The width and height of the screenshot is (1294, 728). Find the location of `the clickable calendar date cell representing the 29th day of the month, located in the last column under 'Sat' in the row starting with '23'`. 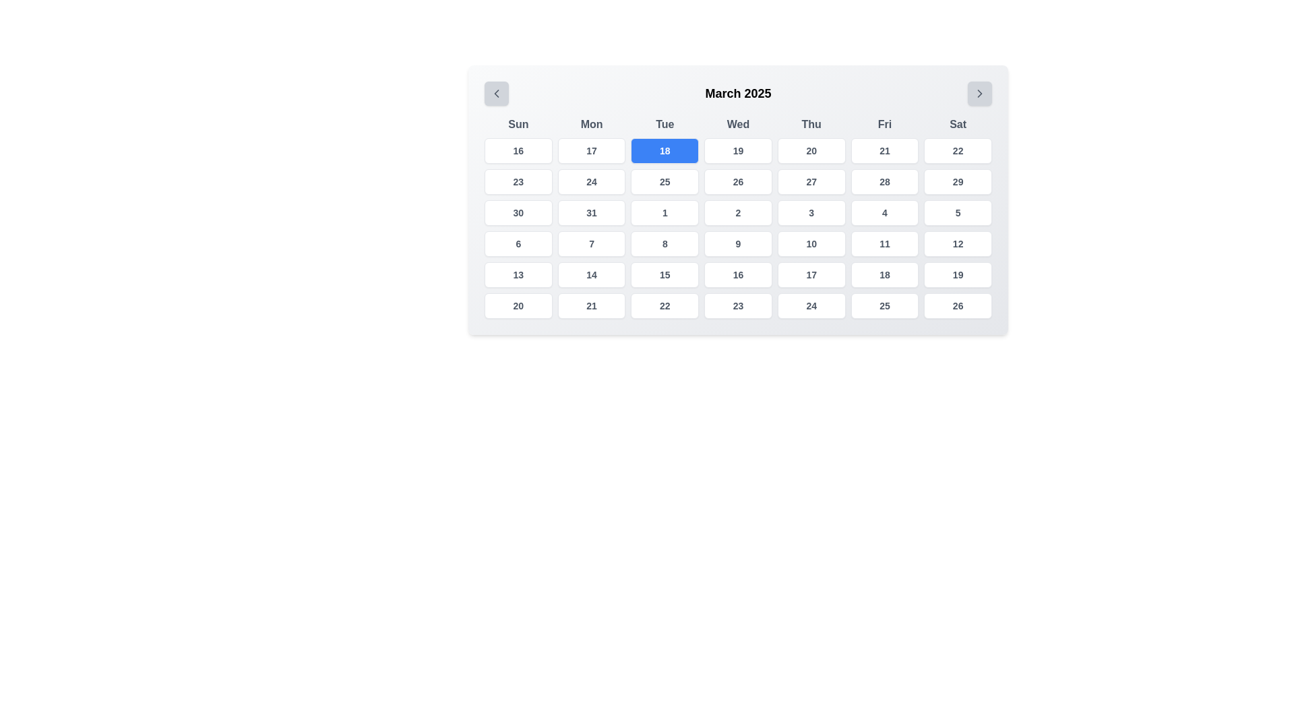

the clickable calendar date cell representing the 29th day of the month, located in the last column under 'Sat' in the row starting with '23' is located at coordinates (957, 182).